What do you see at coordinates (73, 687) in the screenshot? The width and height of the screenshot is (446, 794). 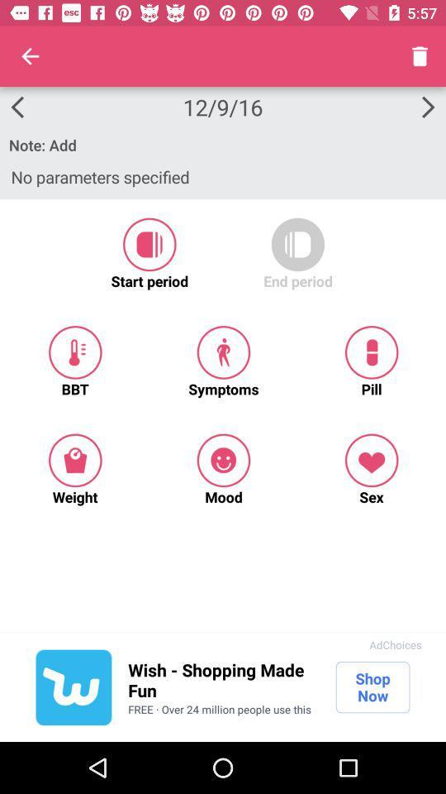 I see `open advertisement` at bounding box center [73, 687].